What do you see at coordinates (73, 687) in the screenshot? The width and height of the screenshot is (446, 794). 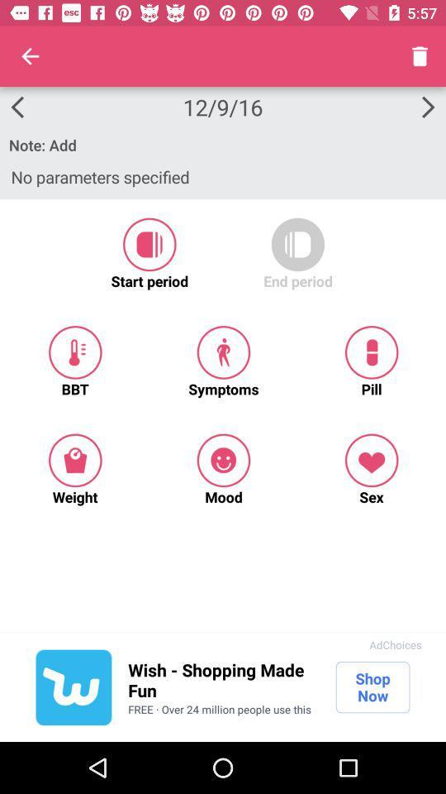 I see `open advertisement` at bounding box center [73, 687].